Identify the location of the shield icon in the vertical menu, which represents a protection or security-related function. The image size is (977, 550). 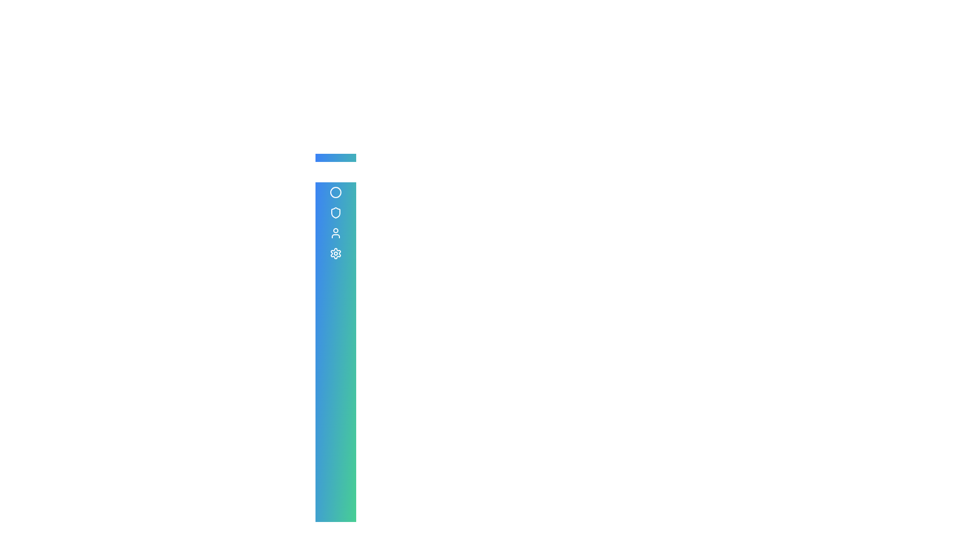
(336, 212).